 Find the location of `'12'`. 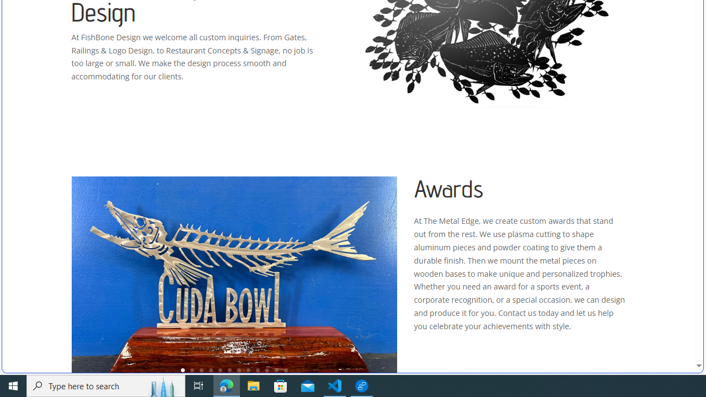

'12' is located at coordinates (286, 370).